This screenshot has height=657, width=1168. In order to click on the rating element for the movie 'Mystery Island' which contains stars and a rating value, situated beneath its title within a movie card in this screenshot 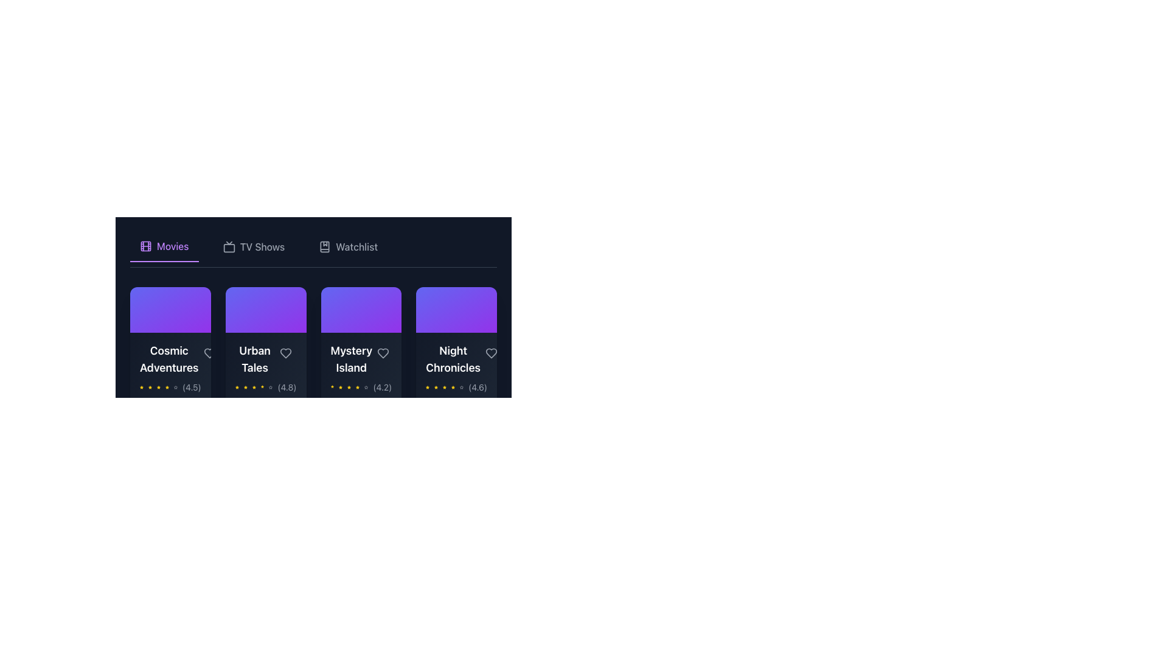, I will do `click(360, 387)`.